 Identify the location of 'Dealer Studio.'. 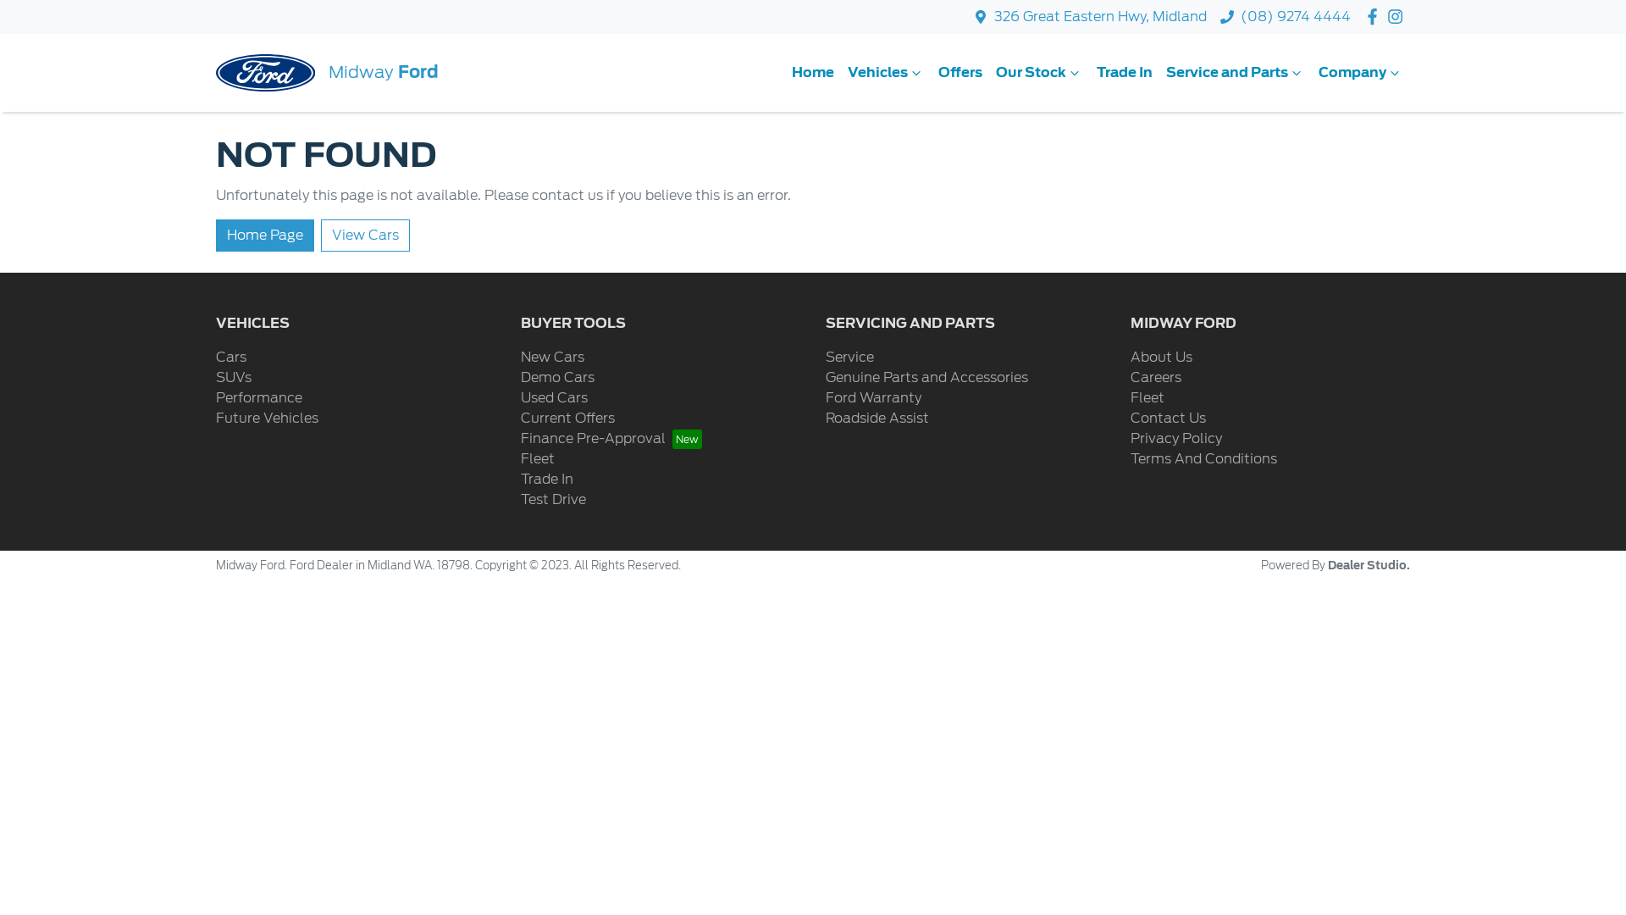
(1369, 565).